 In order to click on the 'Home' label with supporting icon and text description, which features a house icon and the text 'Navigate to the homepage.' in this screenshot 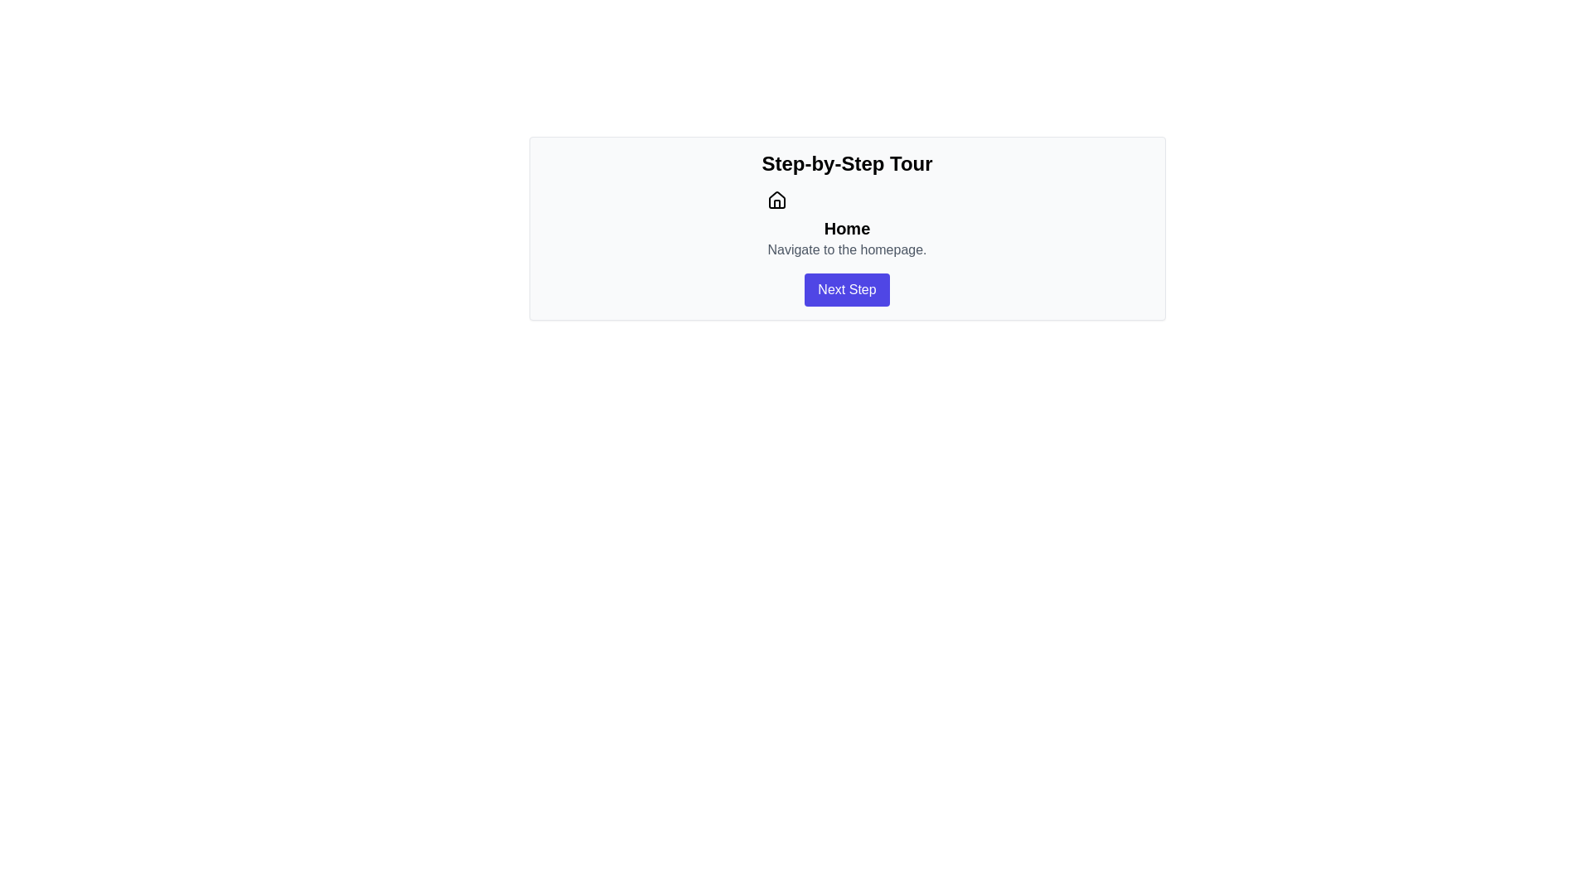, I will do `click(847, 225)`.